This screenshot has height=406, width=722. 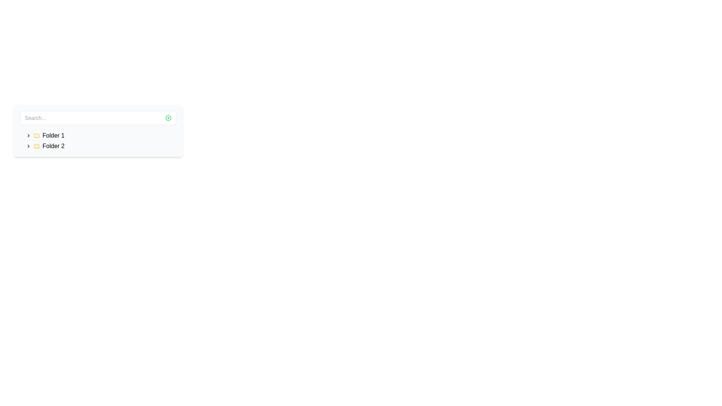 What do you see at coordinates (36, 136) in the screenshot?
I see `the small yellow folder icon located beside the text 'Folder 1'` at bounding box center [36, 136].